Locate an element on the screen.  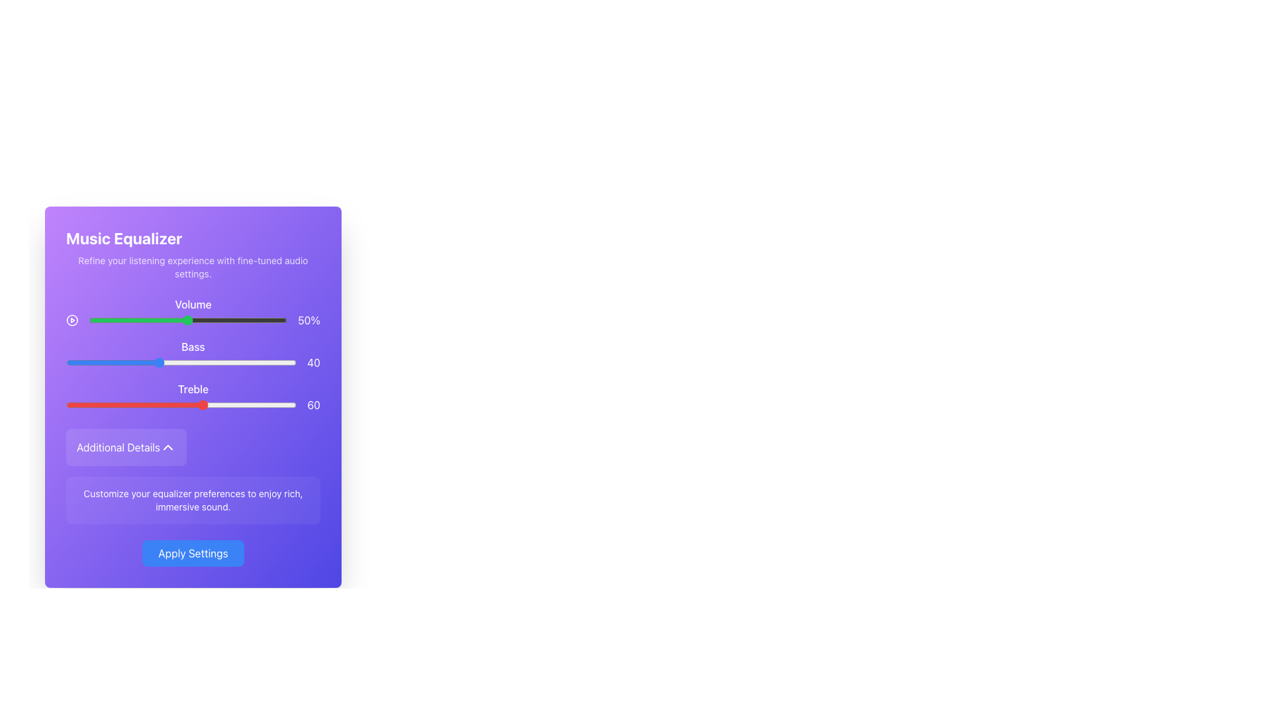
Bass level is located at coordinates (291, 362).